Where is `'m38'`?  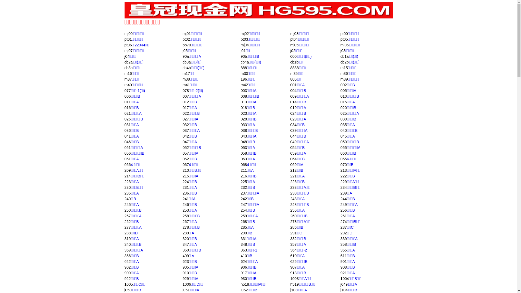
'm38' is located at coordinates (186, 79).